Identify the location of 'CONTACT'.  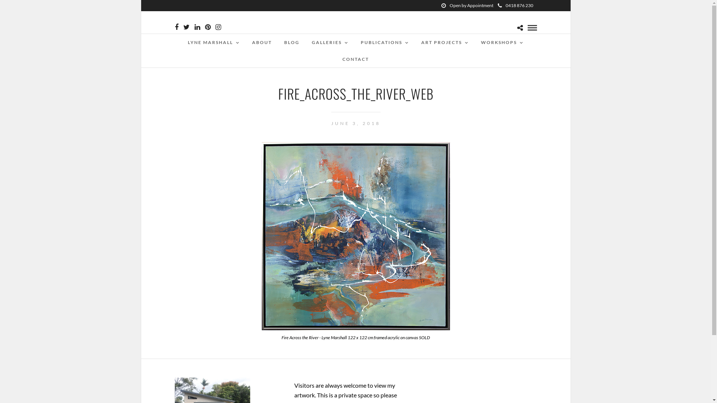
(355, 59).